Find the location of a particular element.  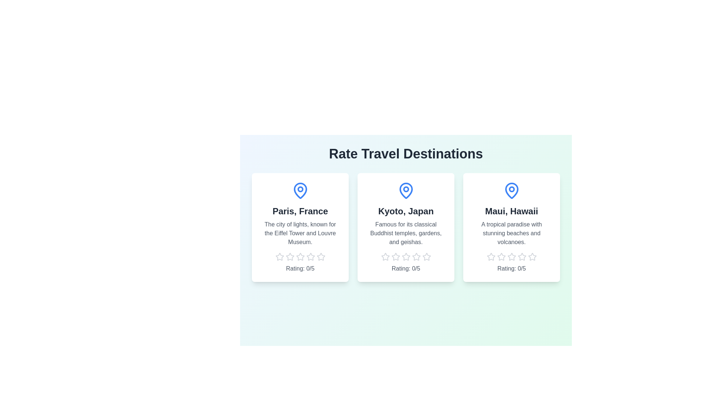

the star corresponding to 5 to observe the hover effect is located at coordinates (321, 256).